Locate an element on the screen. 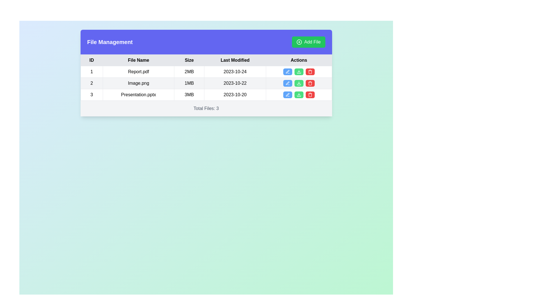 This screenshot has height=303, width=539. the edit button with an icon in the 'Actions' column of the third row corresponding to the 'Presentation.pptx' file entry to initiate editing is located at coordinates (287, 95).